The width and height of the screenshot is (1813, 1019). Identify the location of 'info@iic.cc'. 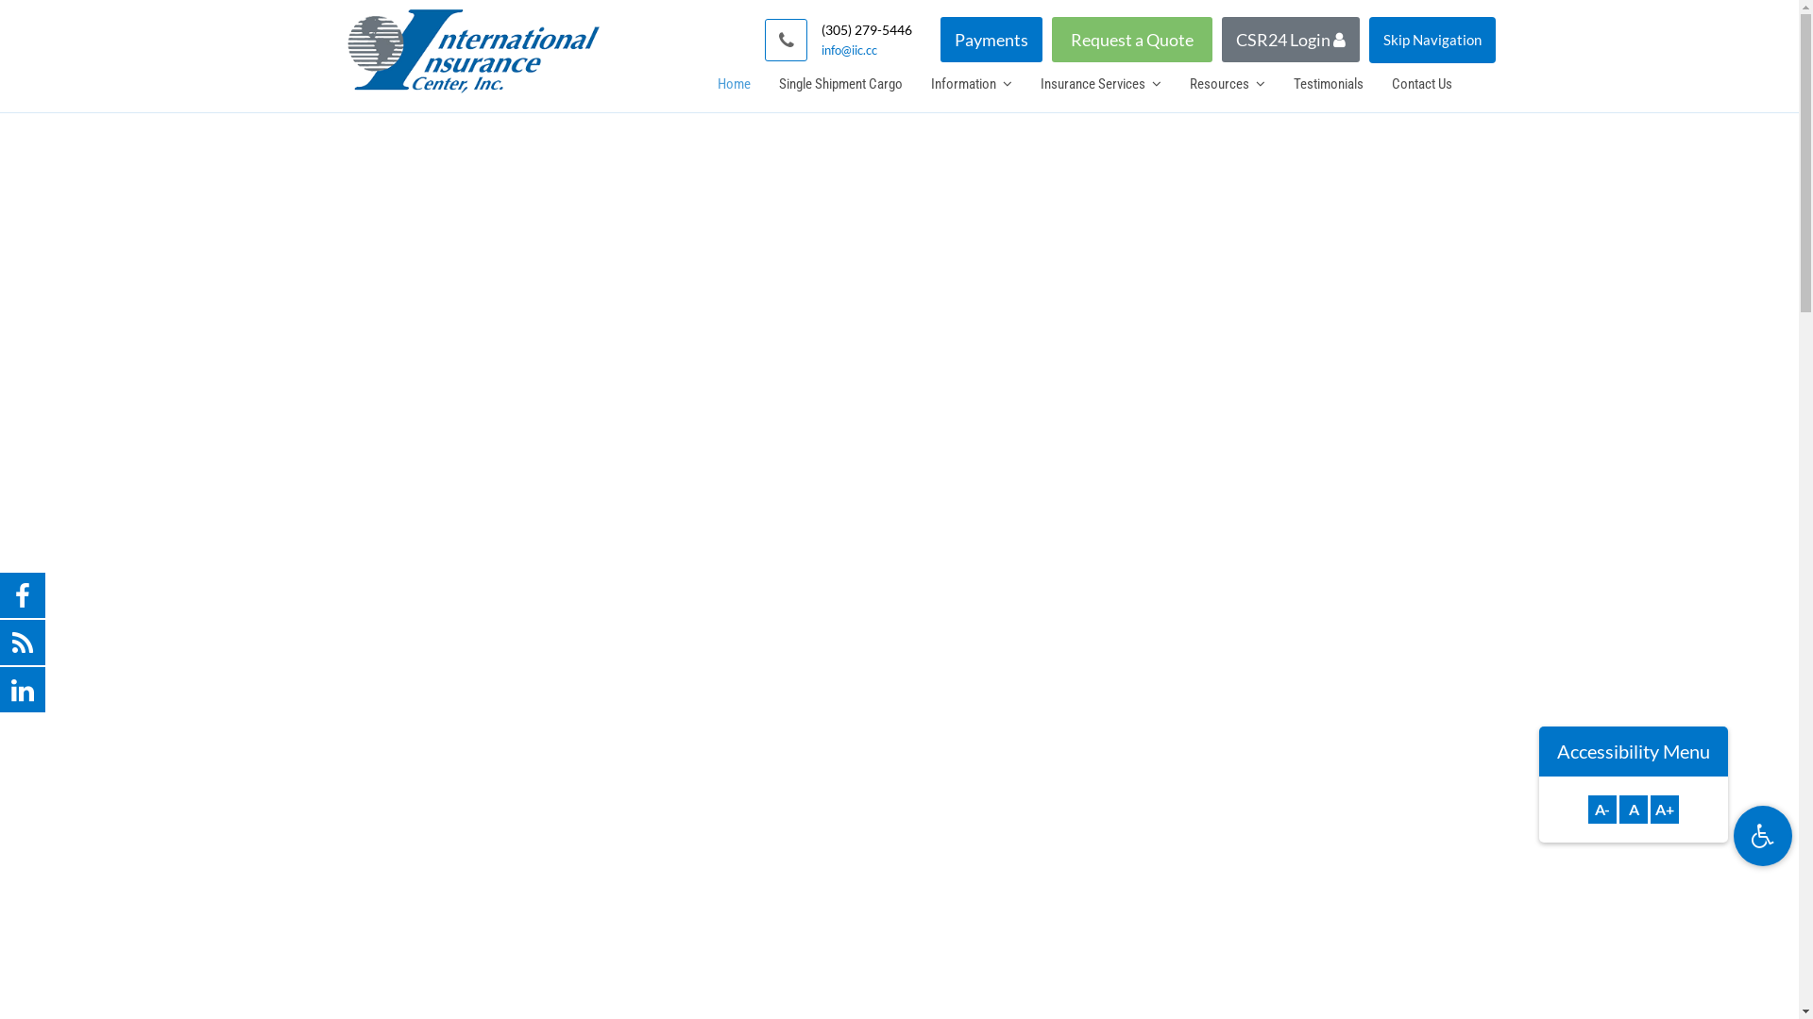
(865, 49).